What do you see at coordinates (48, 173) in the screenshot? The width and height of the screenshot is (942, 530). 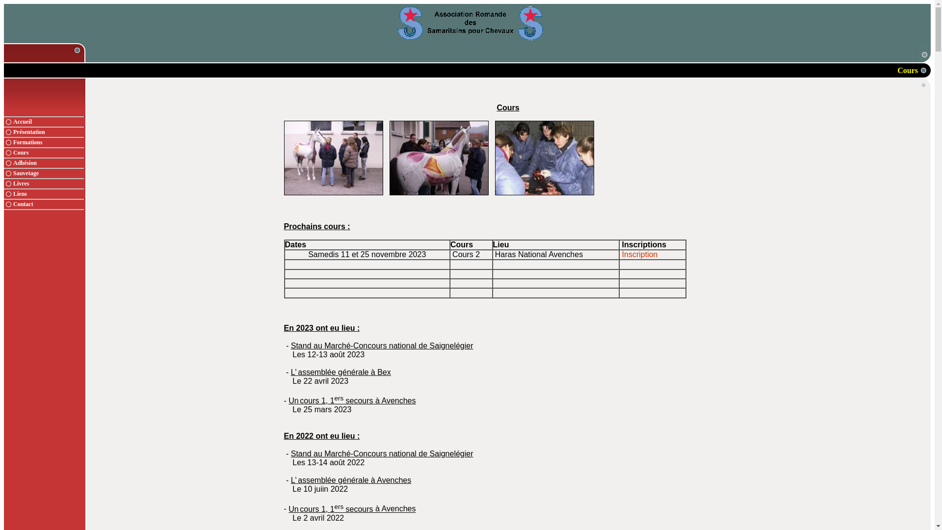 I see `'Sauvetage'` at bounding box center [48, 173].